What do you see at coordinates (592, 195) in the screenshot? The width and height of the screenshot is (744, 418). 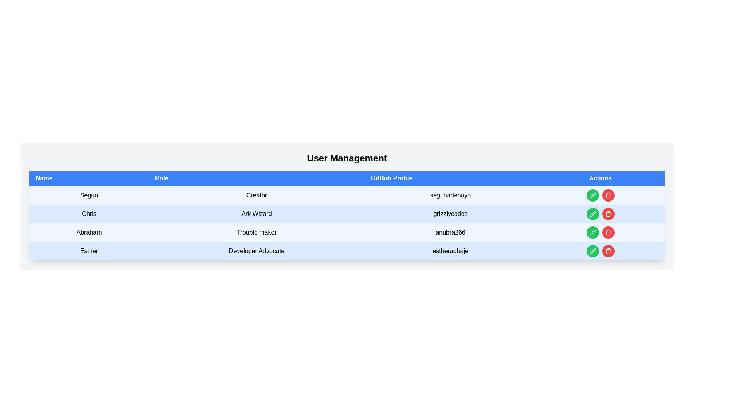 I see `the 'edit' button in the 'Actions' column of the row for 'Chris', who has the role 'Ark Wizard'` at bounding box center [592, 195].